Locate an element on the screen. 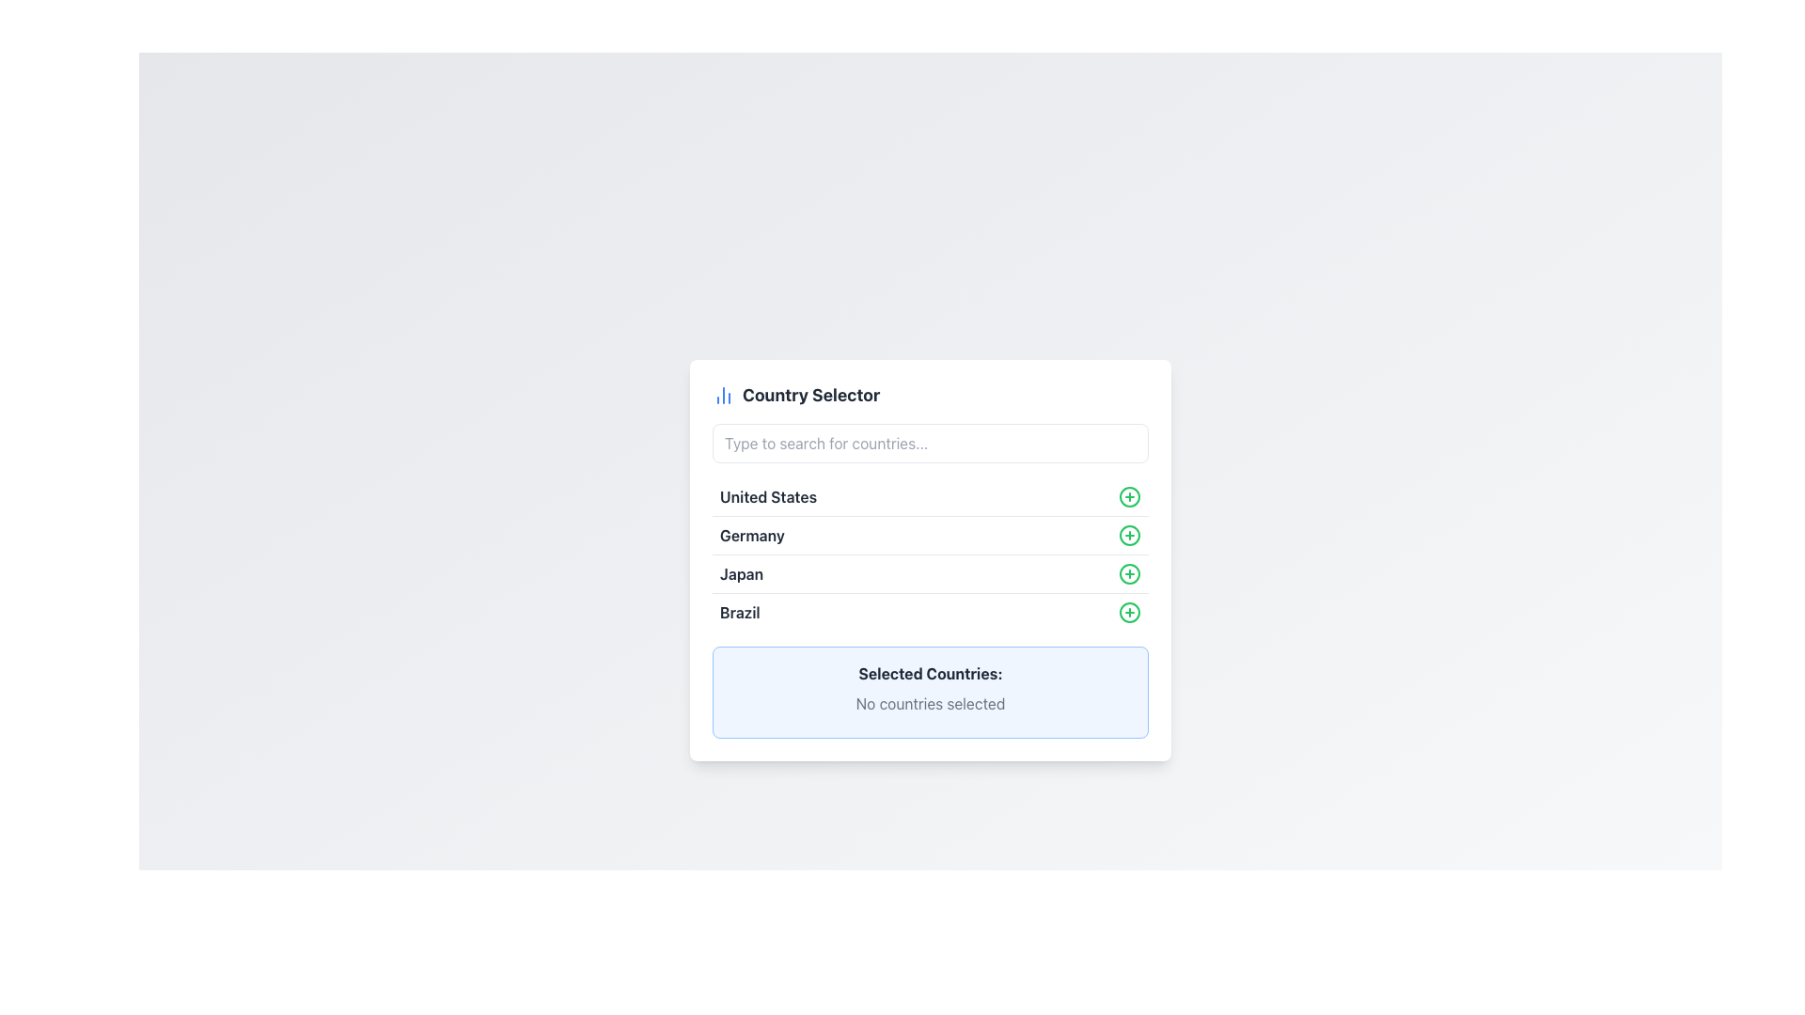 The image size is (1805, 1015). text label that states 'No countries selected', located within the 'Selected Countries:' section, which indicates the current selection status is located at coordinates (930, 703).